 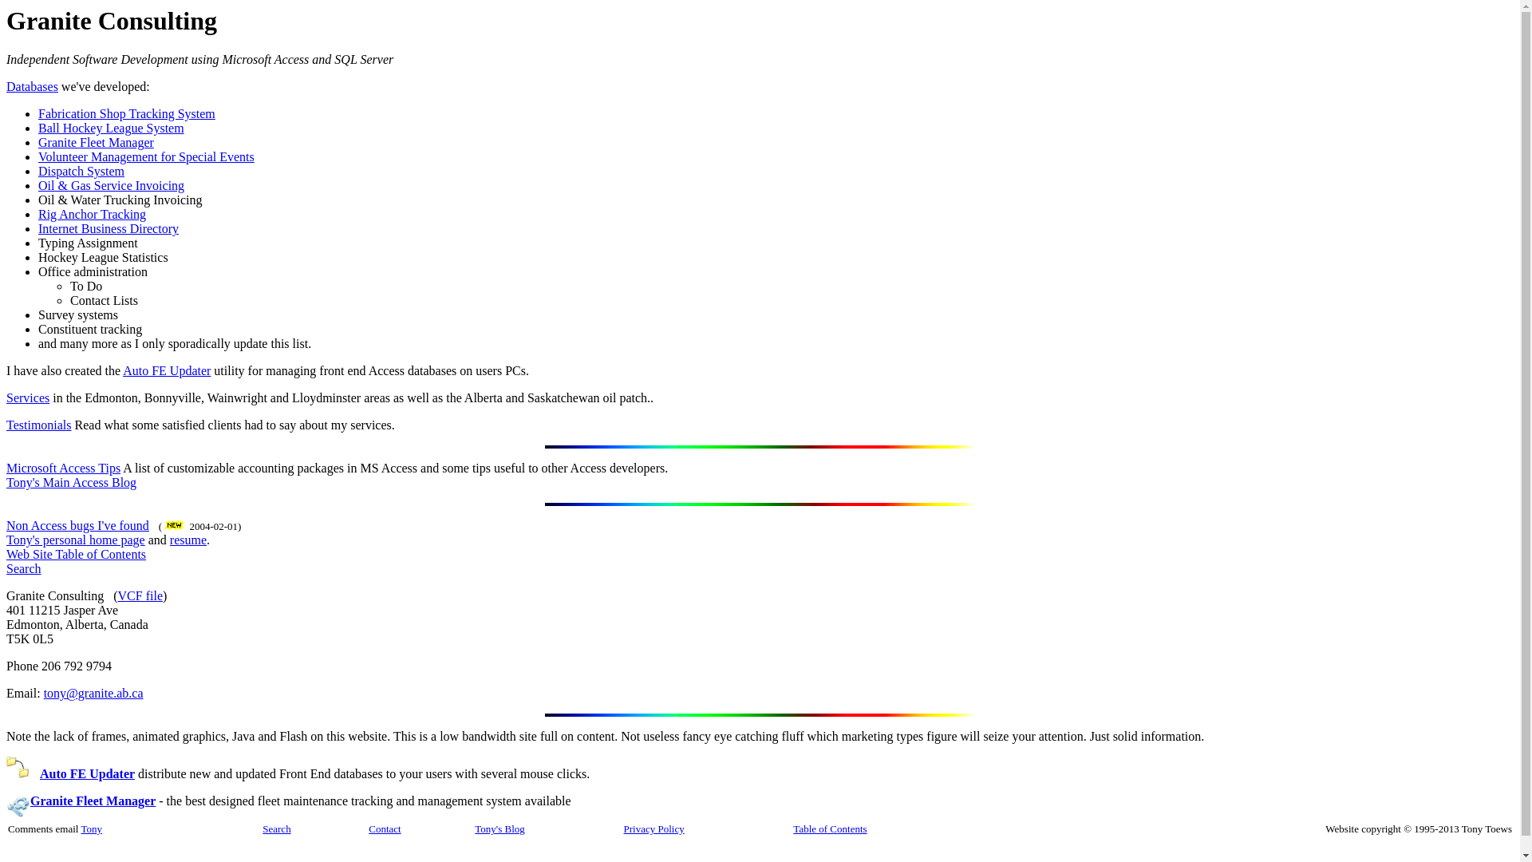 What do you see at coordinates (77, 525) in the screenshot?
I see `'Non Access bugs I've found'` at bounding box center [77, 525].